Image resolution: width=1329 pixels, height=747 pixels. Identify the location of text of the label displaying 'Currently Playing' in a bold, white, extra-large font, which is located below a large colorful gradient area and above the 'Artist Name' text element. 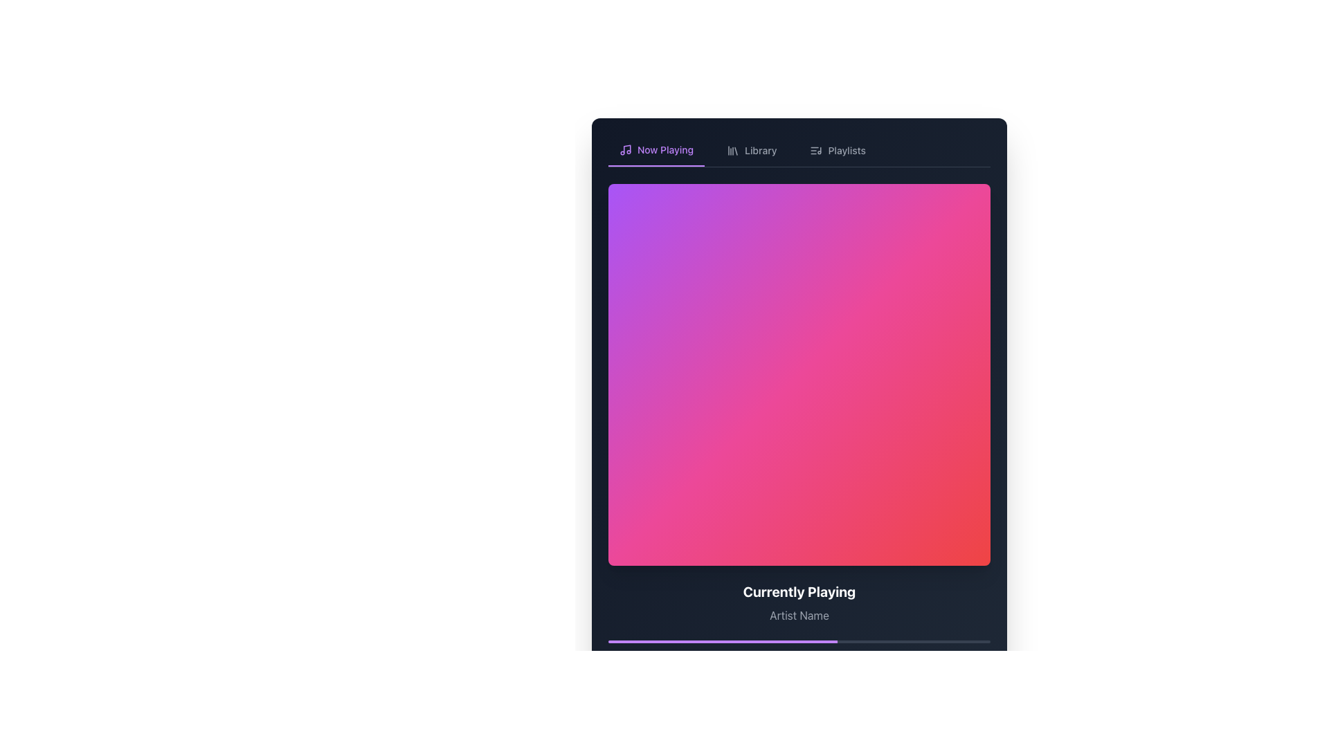
(799, 591).